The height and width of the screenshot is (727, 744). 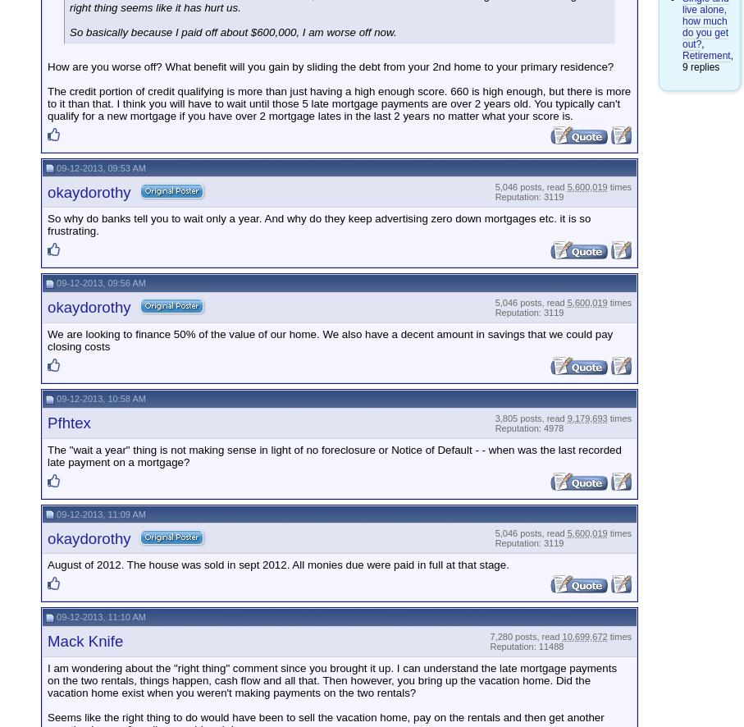 I want to click on '09-12-2013, 10:58 AM', so click(x=98, y=397).